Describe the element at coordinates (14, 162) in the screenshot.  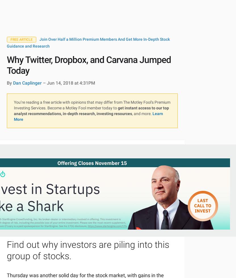
I see `'Calculated by average return of all stock recommendations since inception of the Stock Advisor service in February of 2002. Returns as of 11/09/2023.'` at that location.